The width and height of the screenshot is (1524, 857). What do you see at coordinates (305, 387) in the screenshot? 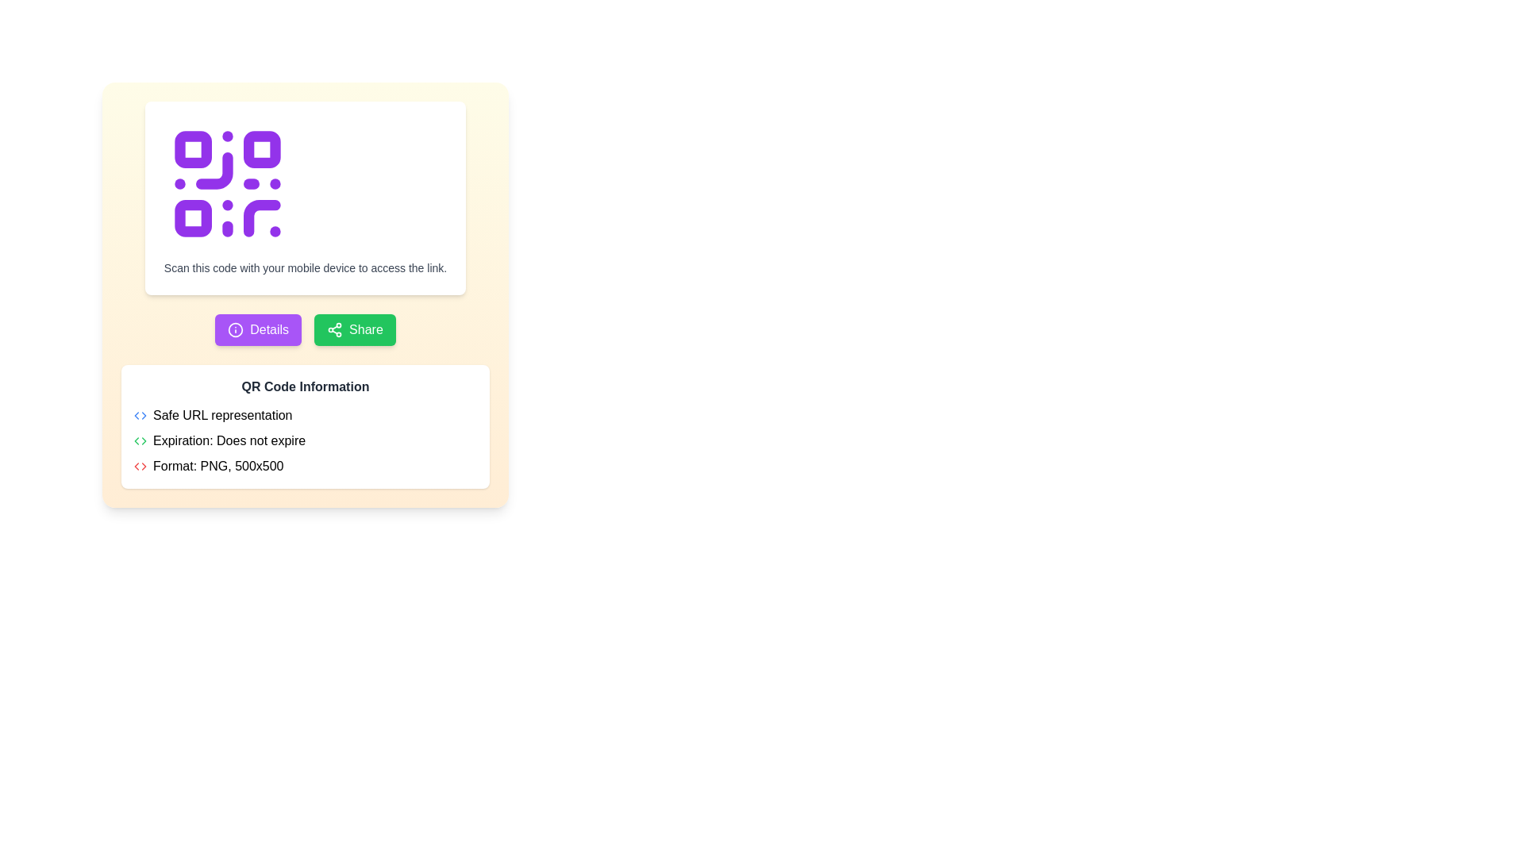
I see `the text header displaying 'QR Code Information' which is styled in bold dark gray and positioned at the top of the white box containing additional information` at bounding box center [305, 387].